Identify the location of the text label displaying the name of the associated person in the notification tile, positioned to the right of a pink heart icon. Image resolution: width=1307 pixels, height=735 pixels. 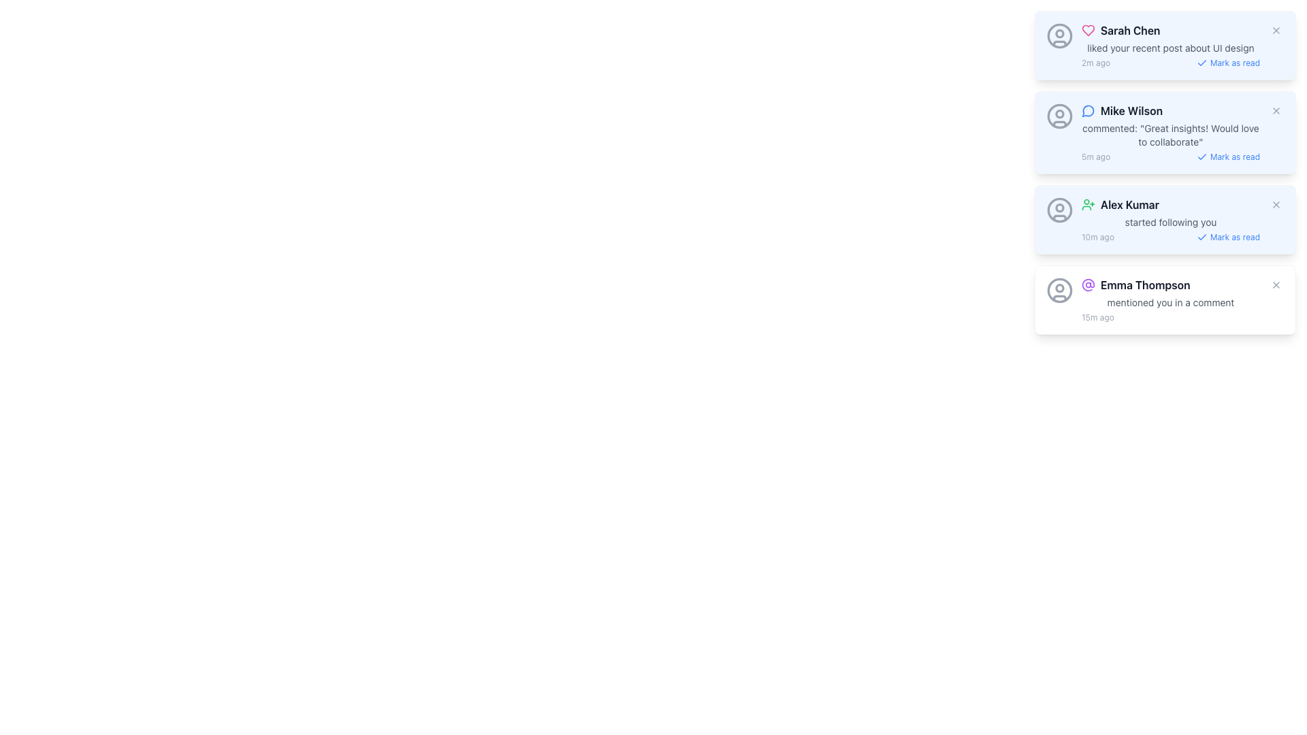
(1130, 31).